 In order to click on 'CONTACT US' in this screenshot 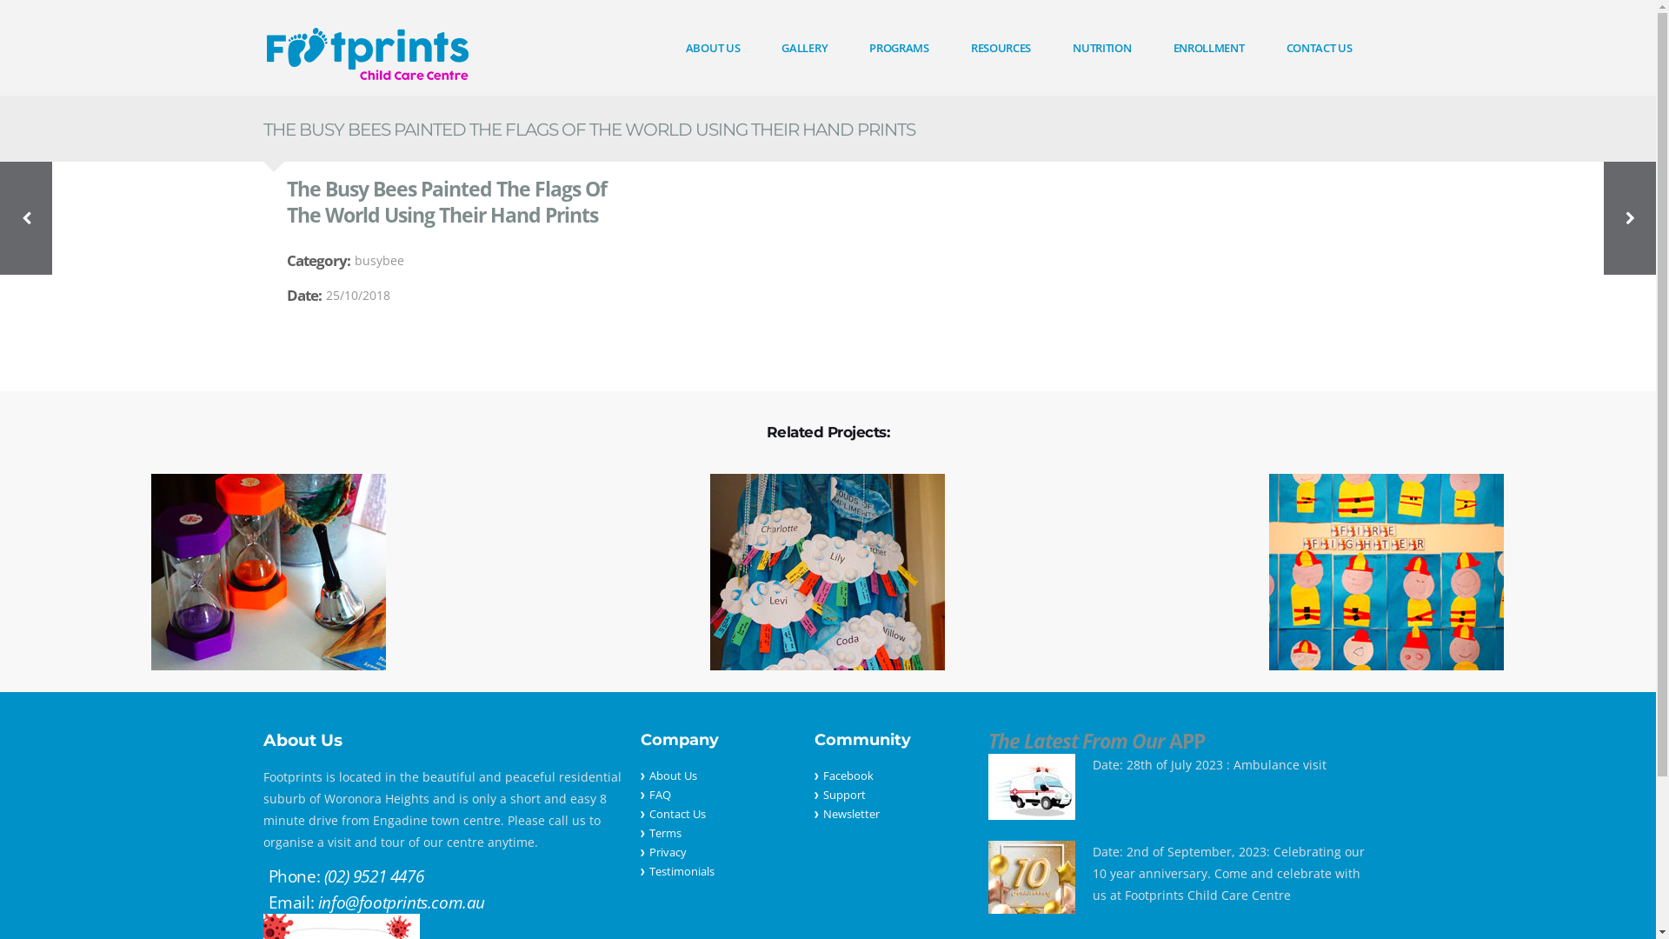, I will do `click(1265, 46)`.